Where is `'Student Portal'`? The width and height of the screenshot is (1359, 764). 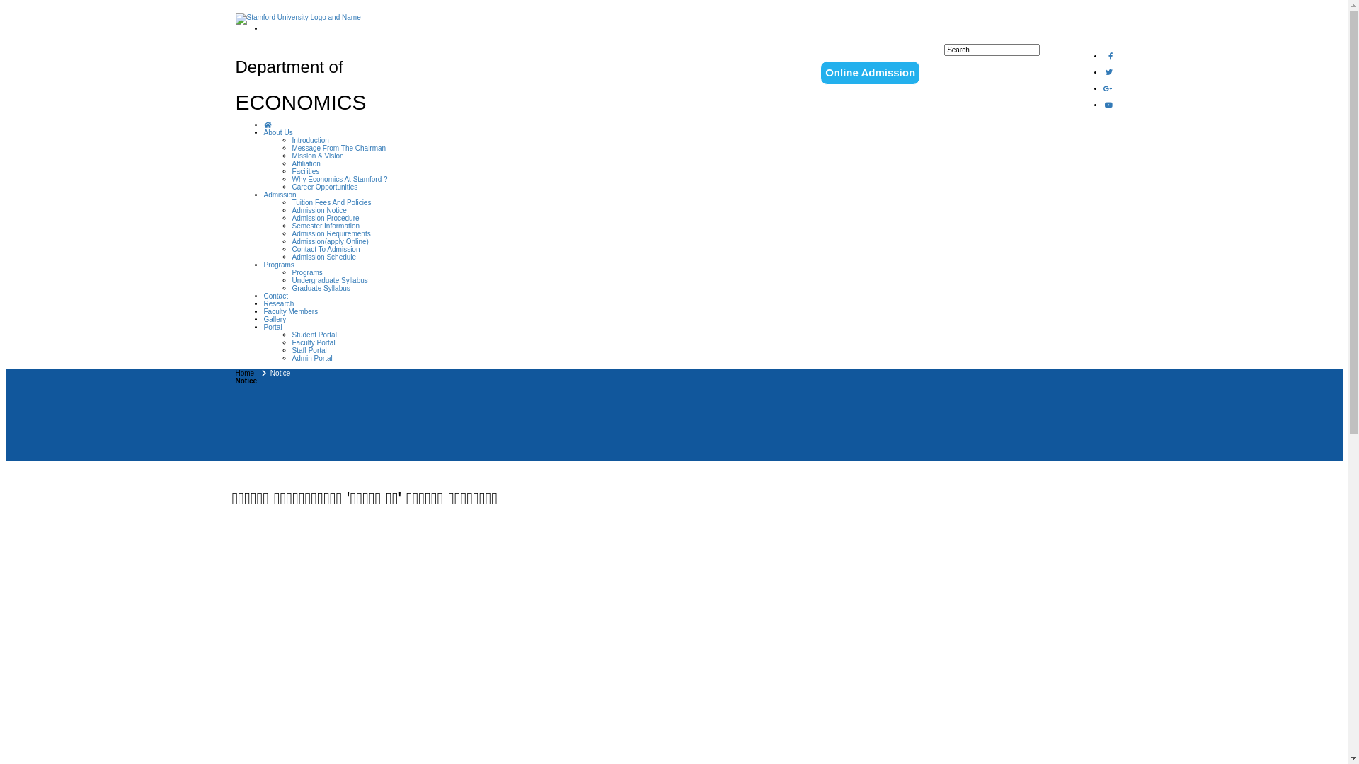
'Student Portal' is located at coordinates (313, 335).